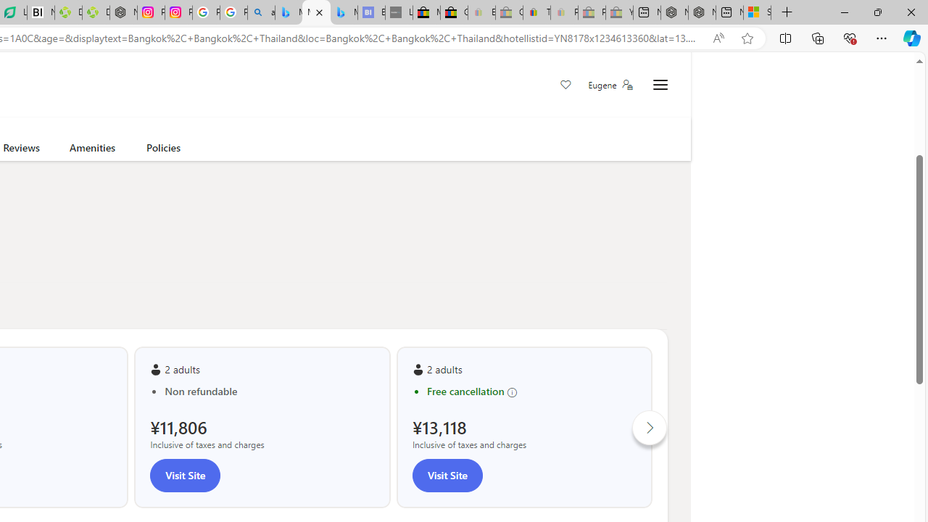  What do you see at coordinates (619, 12) in the screenshot?
I see `'Yard, Garden & Outdoor Living - Sleeping'` at bounding box center [619, 12].